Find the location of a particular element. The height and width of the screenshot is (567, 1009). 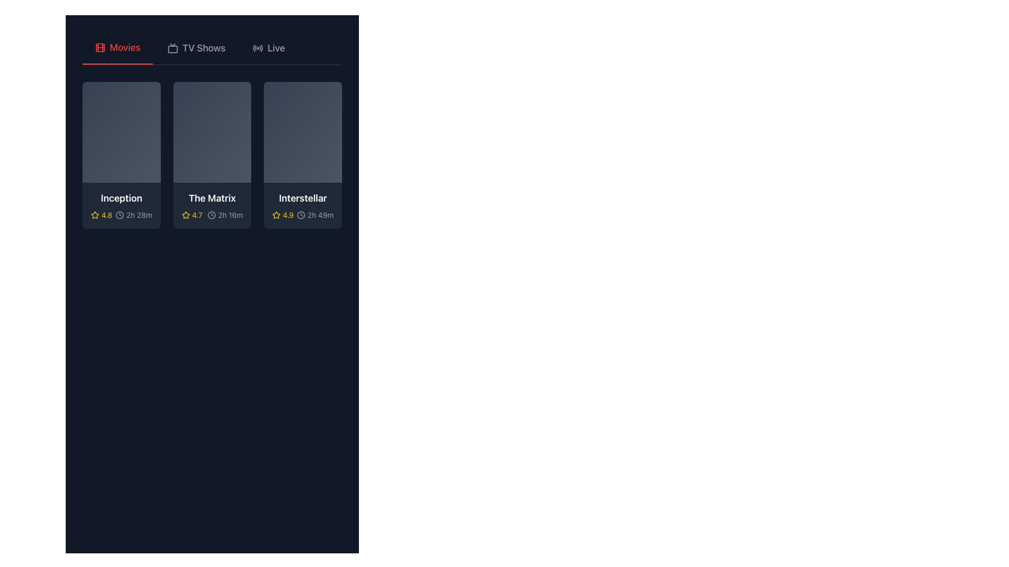

duration text '2h 49m' from the textual label located at the bottom-right of the movie card for 'Interstellar', next to the clock icon is located at coordinates (315, 214).